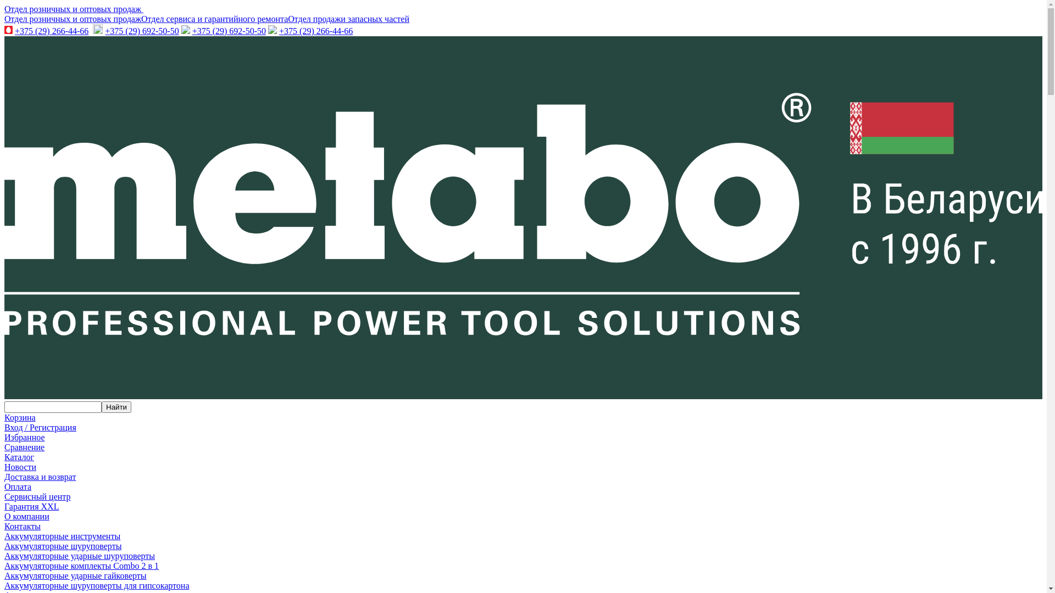 This screenshot has height=593, width=1055. I want to click on '+375 (29) 266-44-66', so click(51, 30).